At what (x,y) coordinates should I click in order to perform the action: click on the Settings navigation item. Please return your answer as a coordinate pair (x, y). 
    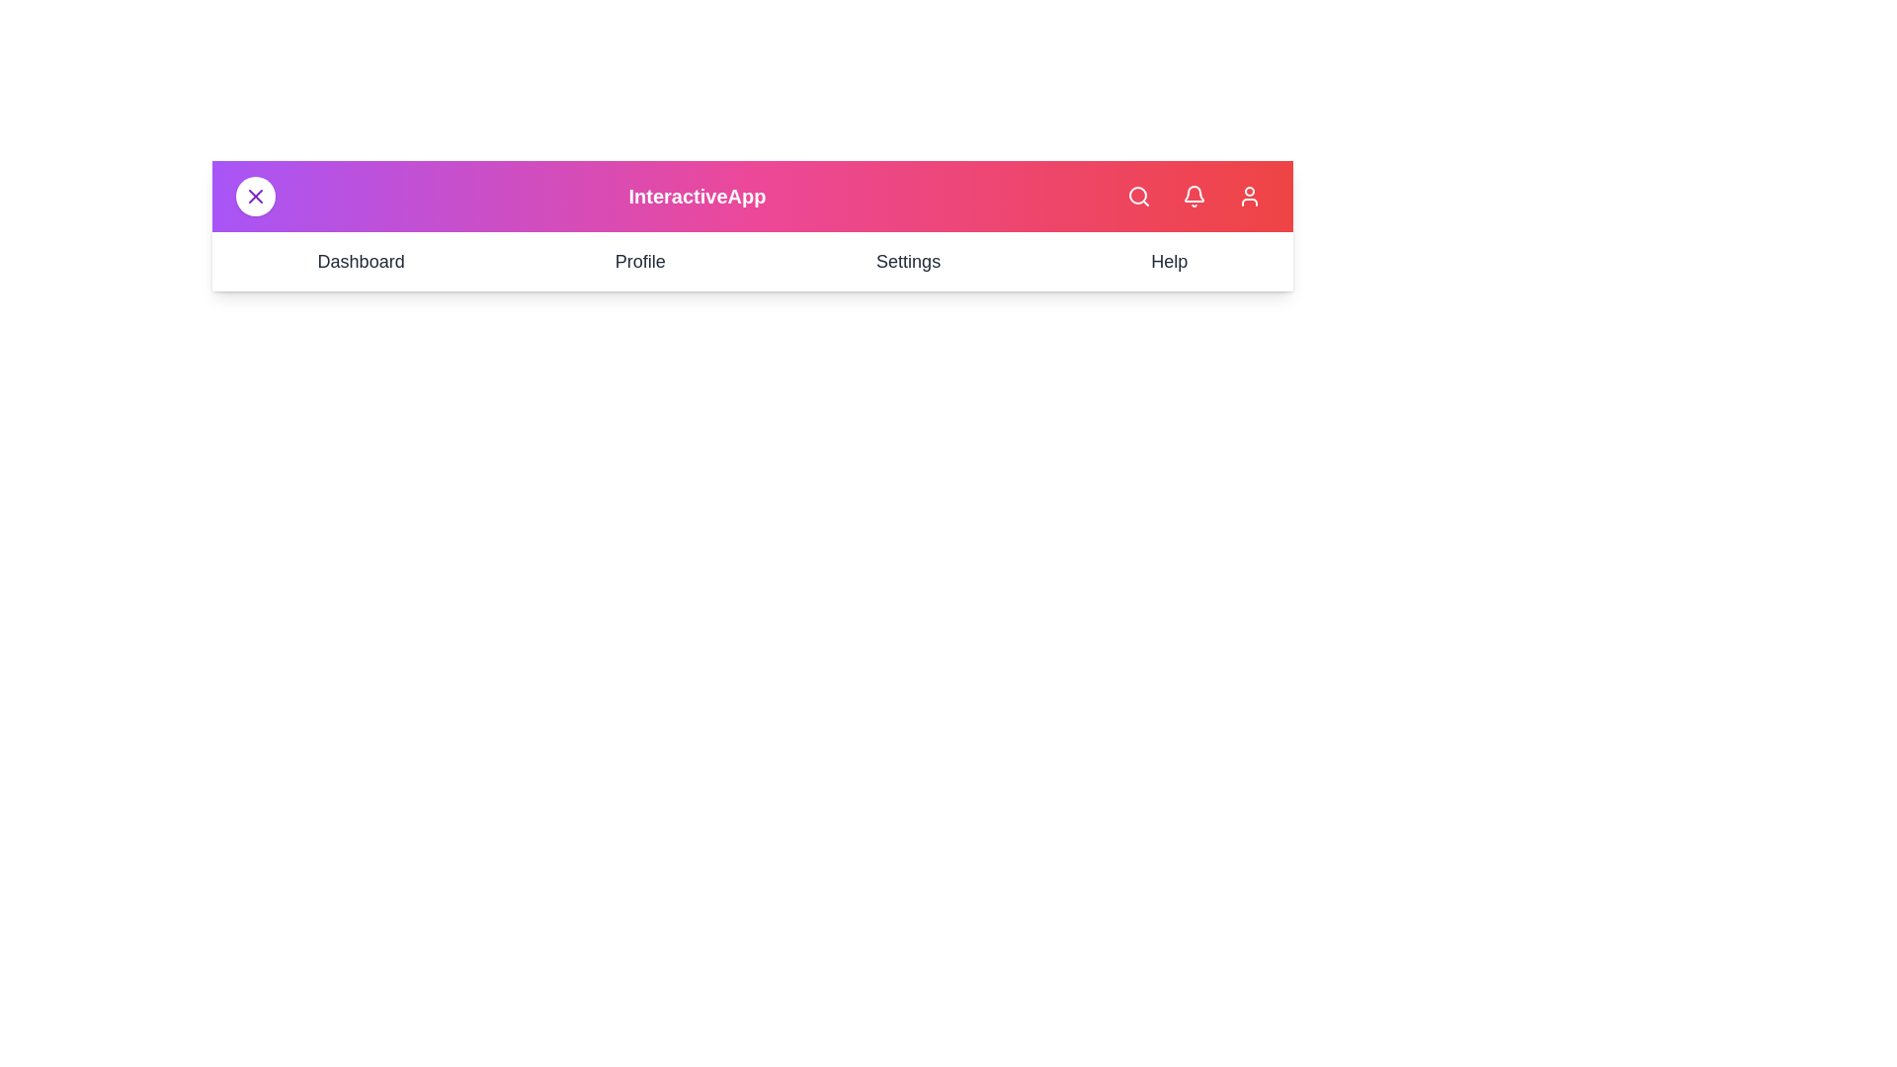
    Looking at the image, I should click on (906, 261).